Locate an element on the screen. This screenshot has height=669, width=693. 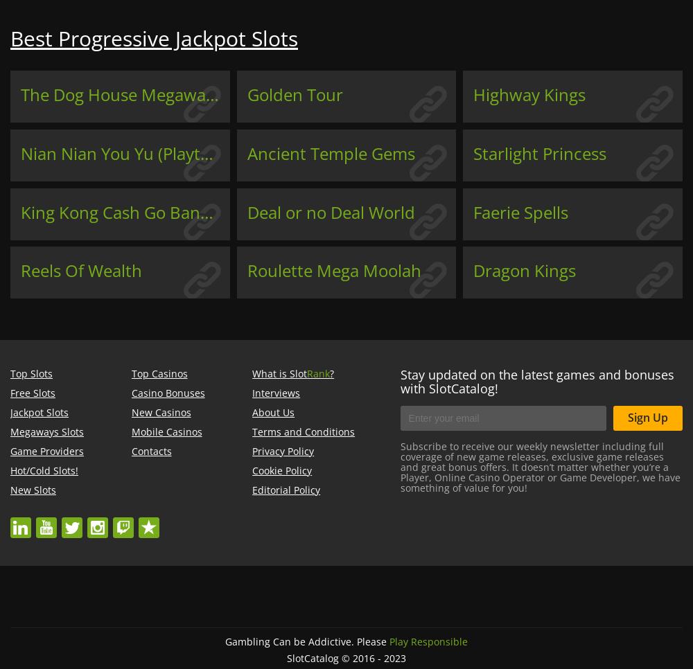
'Highway Kings' is located at coordinates (529, 93).